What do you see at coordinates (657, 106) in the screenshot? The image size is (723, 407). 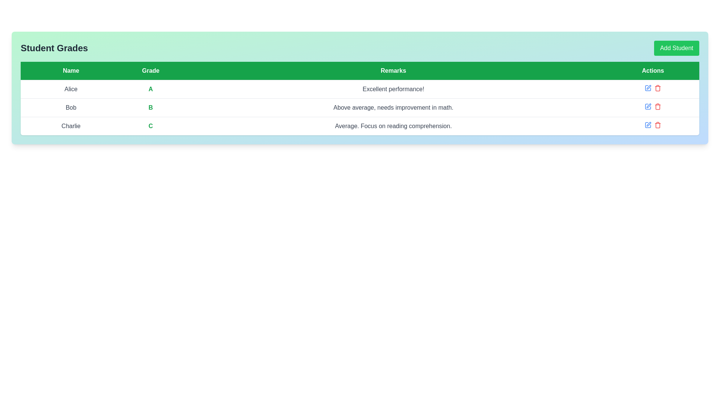 I see `the red trash icon button located in the 'Actions' column of the row corresponding to the student 'Bob'` at bounding box center [657, 106].